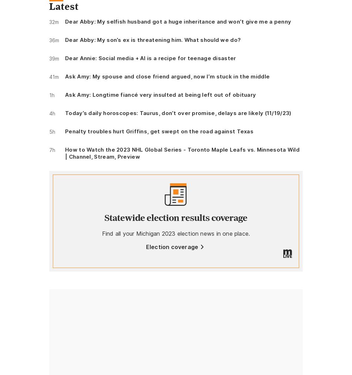  Describe the element at coordinates (171, 246) in the screenshot. I see `'Election coverage'` at that location.